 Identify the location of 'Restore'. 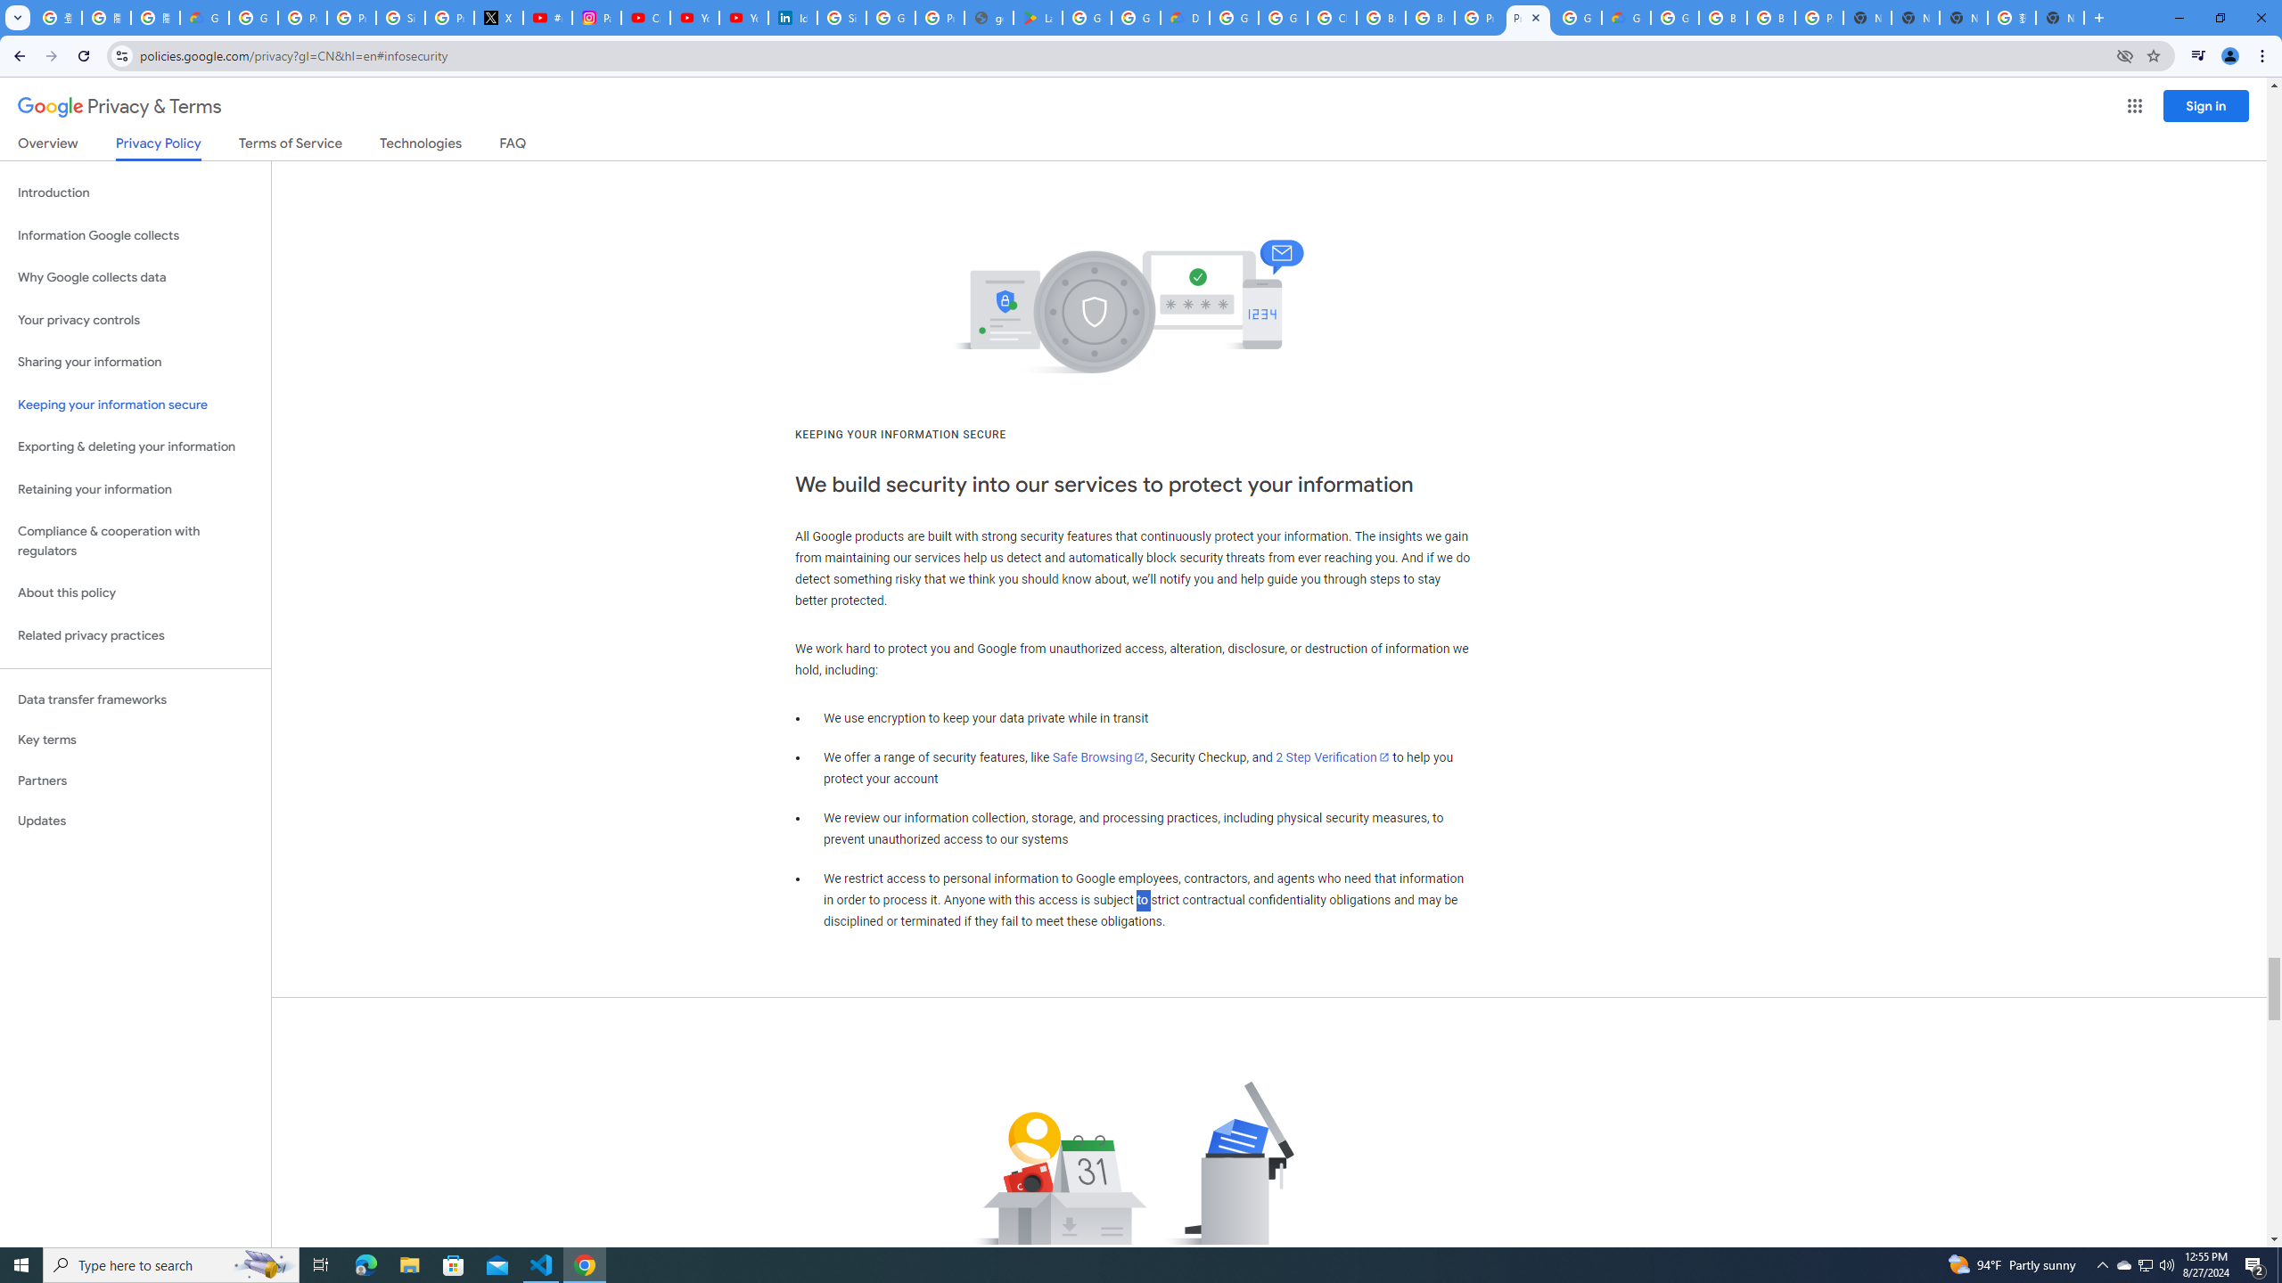
(2220, 17).